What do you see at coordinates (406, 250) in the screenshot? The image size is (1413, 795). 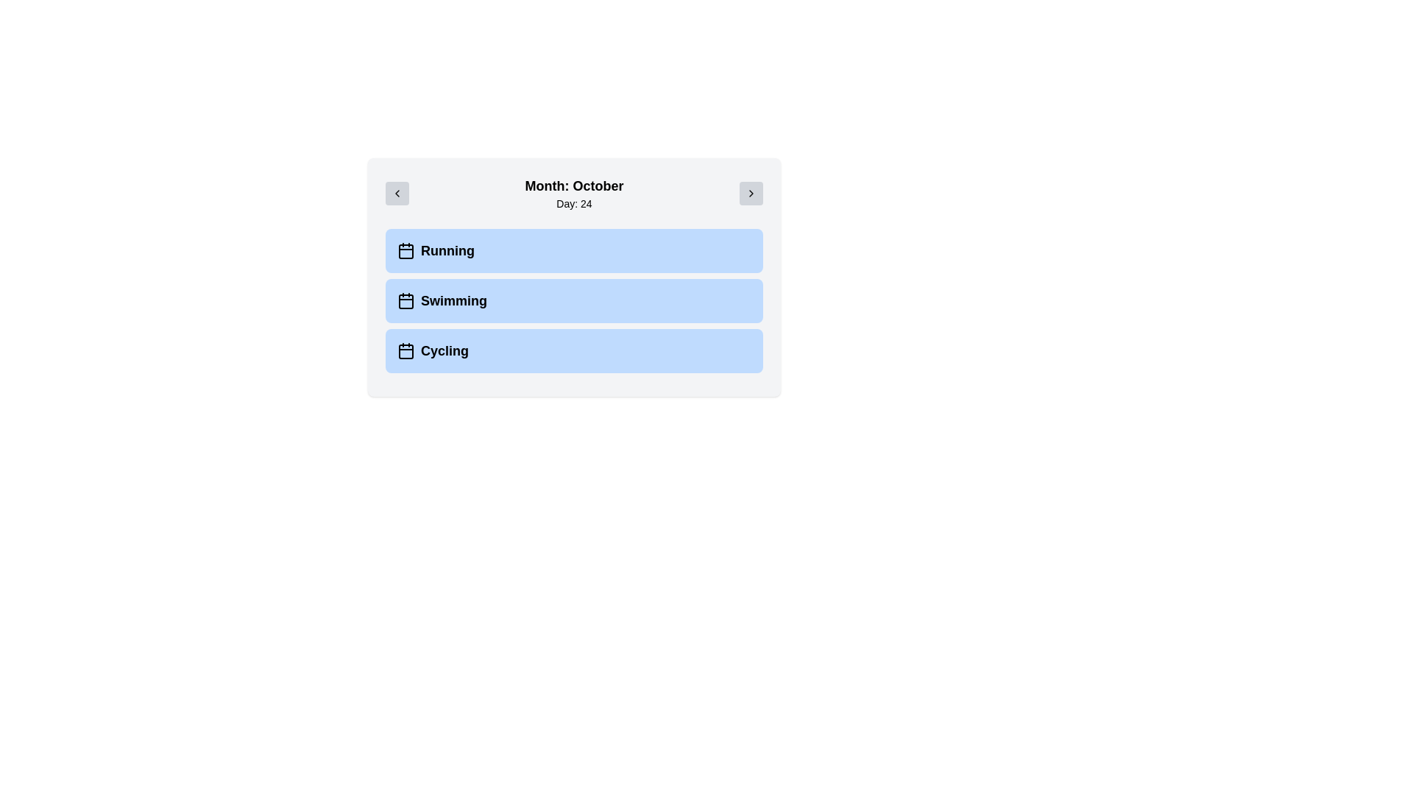 I see `the calendar icon representing the schedule related to the 'Running' activity, located to the left of the text 'Running' in the first row of the vertically stacked list` at bounding box center [406, 250].